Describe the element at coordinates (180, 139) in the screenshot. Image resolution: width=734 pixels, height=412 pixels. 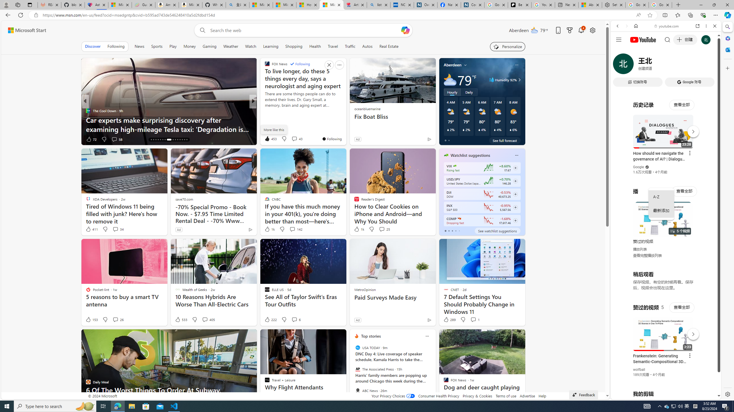
I see `'AutomationID: tab-27'` at that location.